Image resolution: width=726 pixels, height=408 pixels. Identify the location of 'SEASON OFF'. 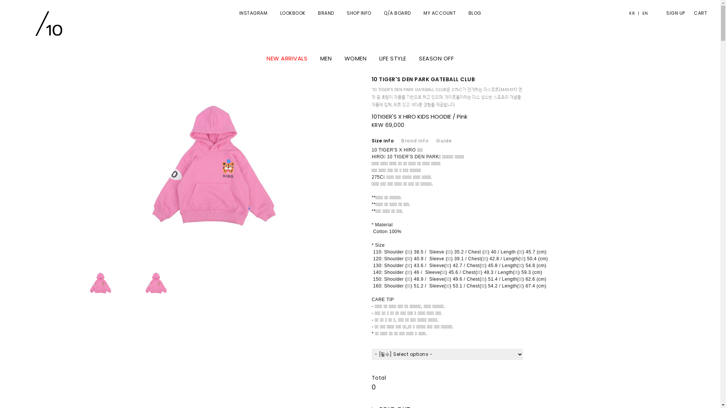
(436, 58).